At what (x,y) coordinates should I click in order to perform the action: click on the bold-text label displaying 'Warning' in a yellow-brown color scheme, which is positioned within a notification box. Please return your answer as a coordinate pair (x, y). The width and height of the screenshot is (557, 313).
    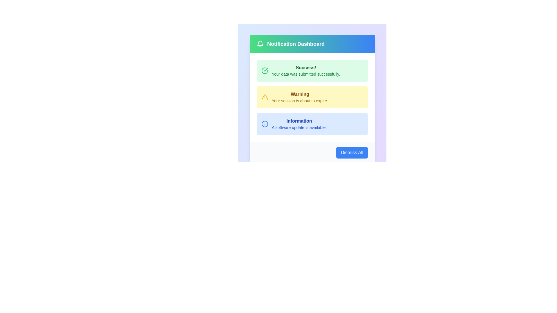
    Looking at the image, I should click on (300, 94).